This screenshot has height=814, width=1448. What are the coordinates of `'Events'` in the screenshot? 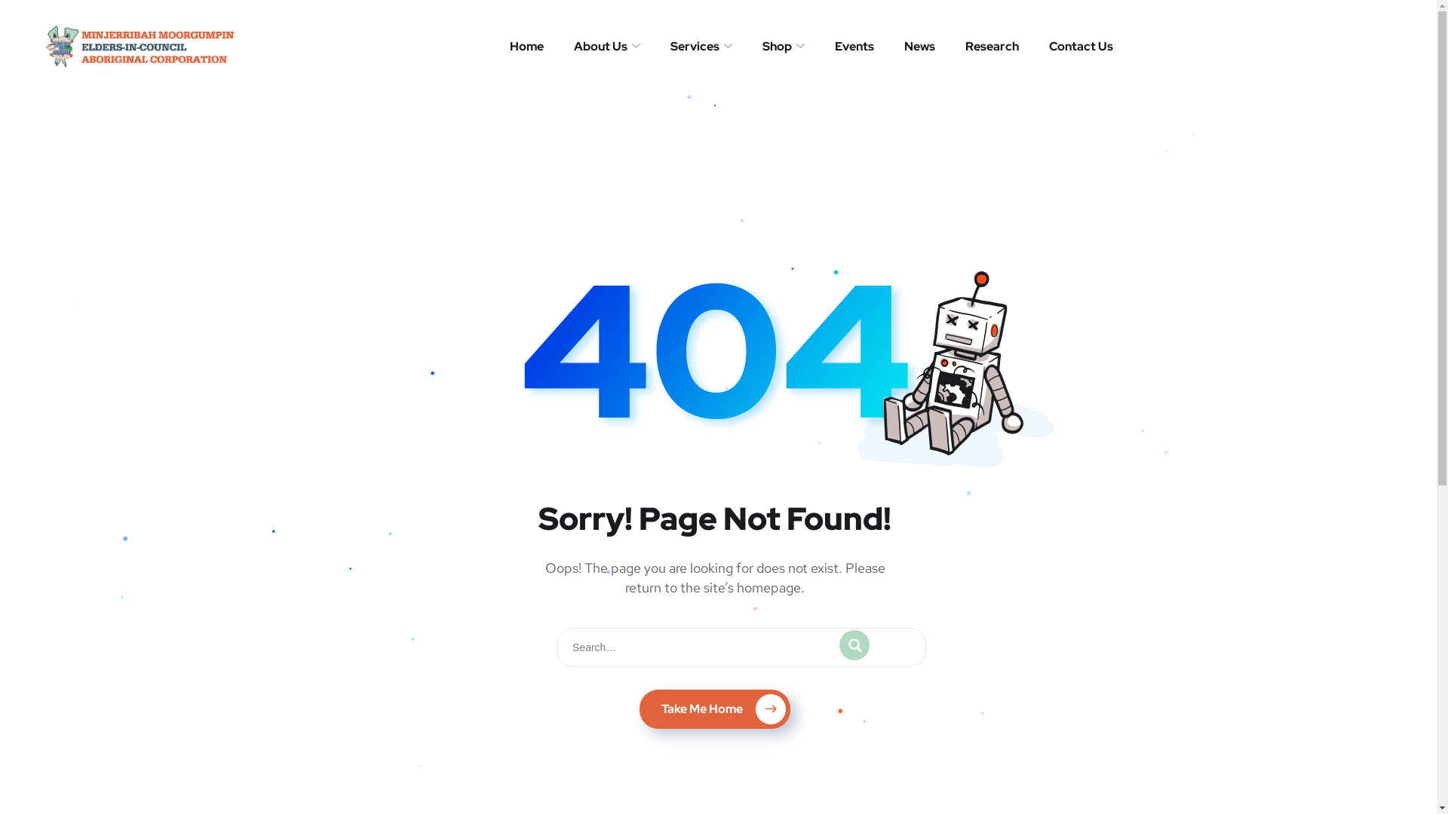 It's located at (854, 45).